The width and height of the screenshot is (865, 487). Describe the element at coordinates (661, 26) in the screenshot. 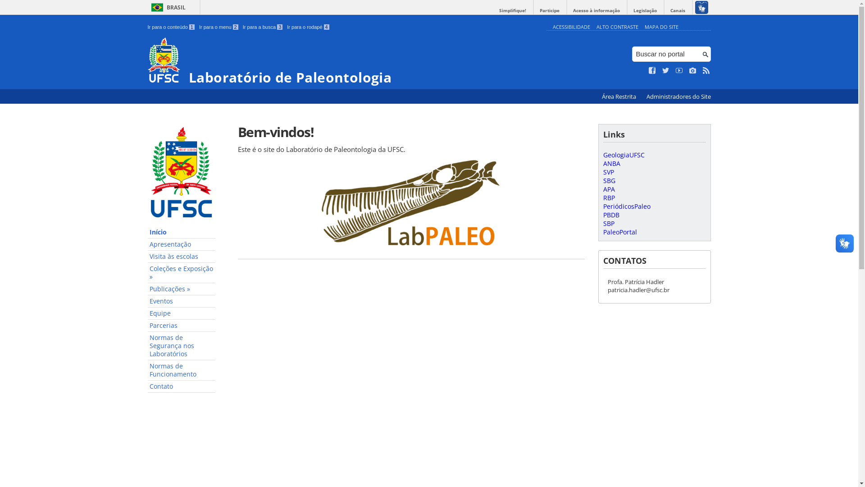

I see `'MAPA DO SITE'` at that location.